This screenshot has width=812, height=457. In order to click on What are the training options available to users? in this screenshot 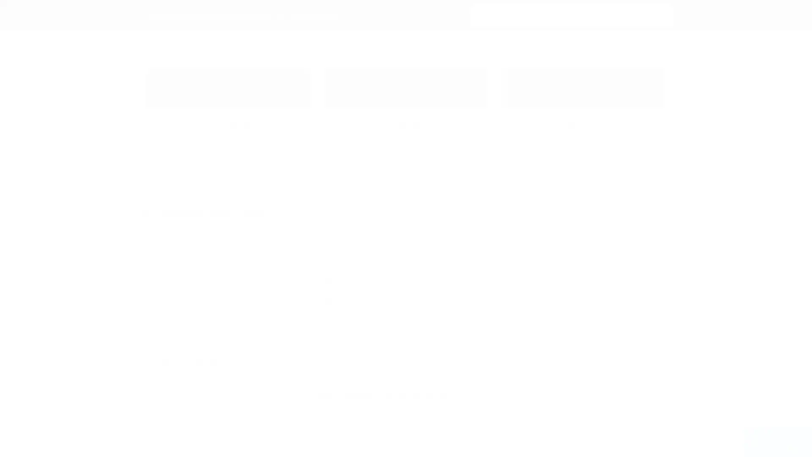, I will do `click(388, 282)`.